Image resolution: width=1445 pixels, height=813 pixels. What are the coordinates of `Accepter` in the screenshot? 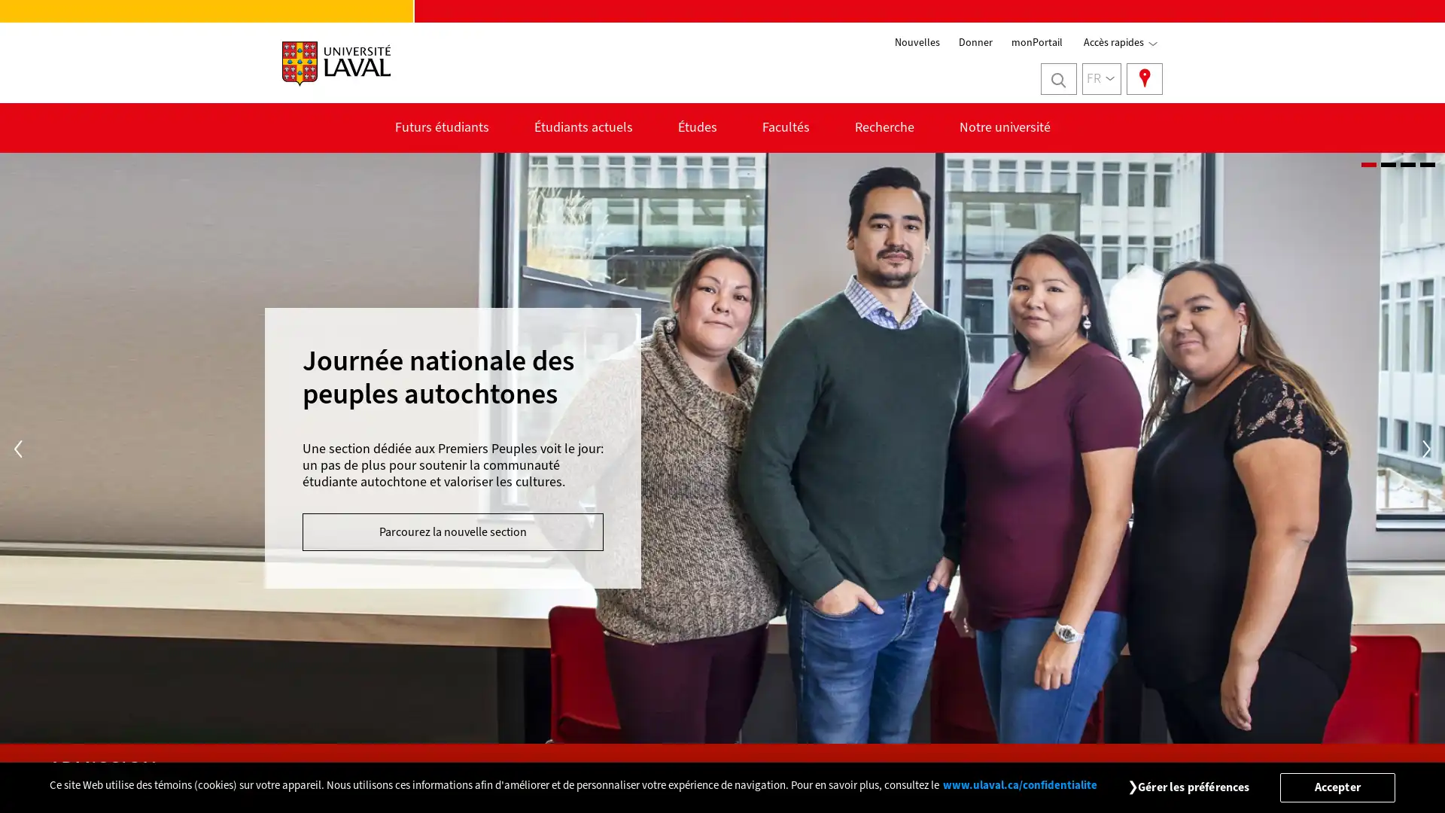 It's located at (1337, 786).